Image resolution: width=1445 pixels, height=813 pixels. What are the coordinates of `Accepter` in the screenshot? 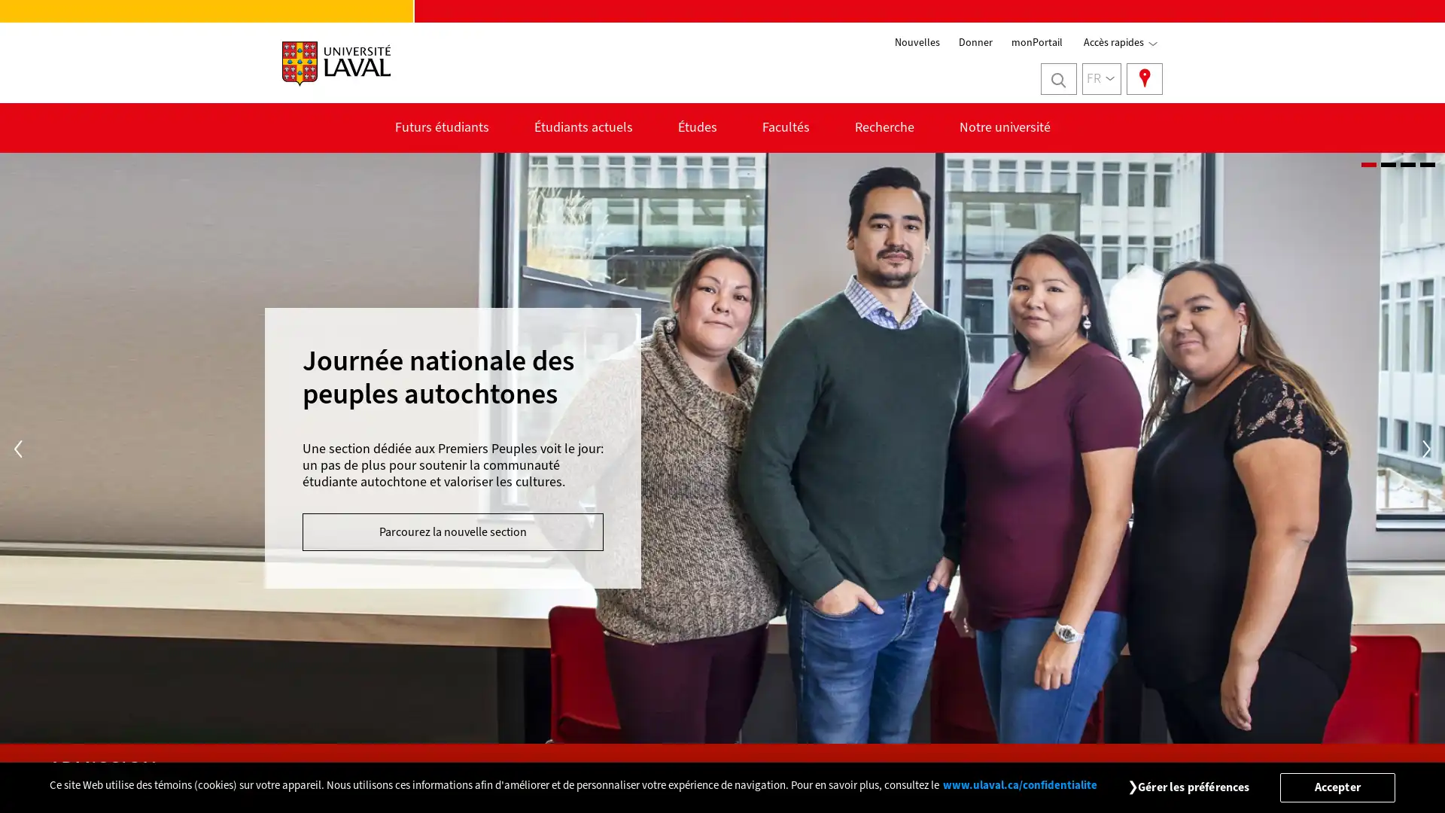 It's located at (1337, 786).